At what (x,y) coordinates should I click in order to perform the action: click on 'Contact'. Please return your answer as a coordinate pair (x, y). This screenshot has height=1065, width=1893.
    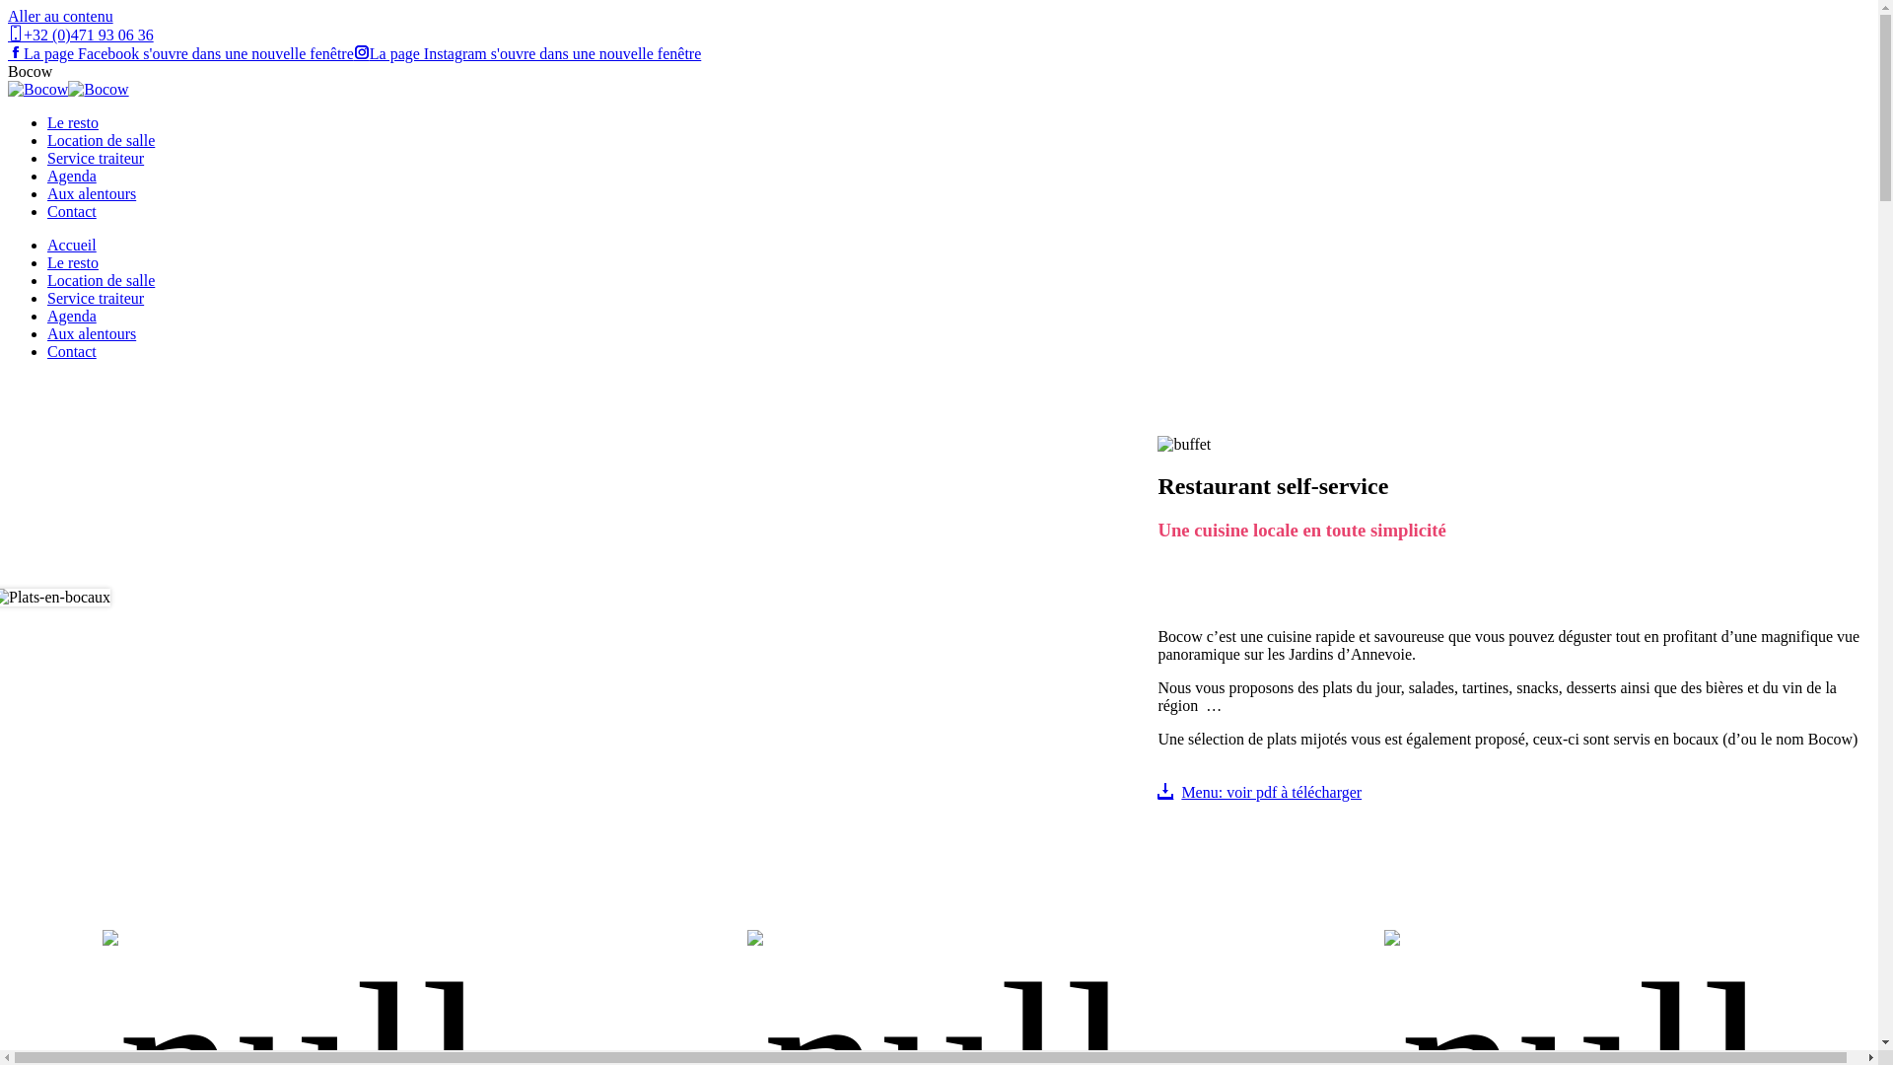
    Looking at the image, I should click on (71, 211).